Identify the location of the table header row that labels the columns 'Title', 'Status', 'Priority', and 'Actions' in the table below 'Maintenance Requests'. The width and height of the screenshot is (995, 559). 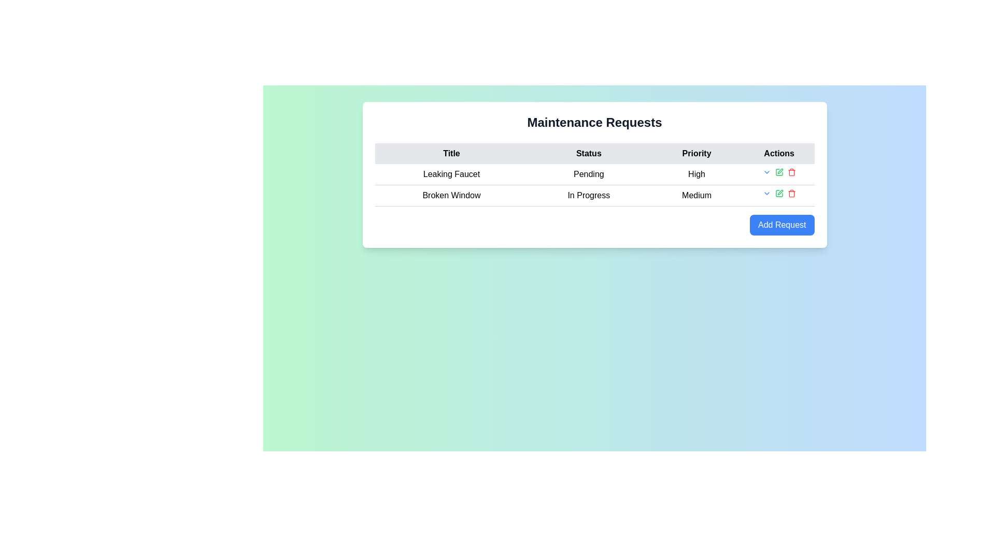
(594, 154).